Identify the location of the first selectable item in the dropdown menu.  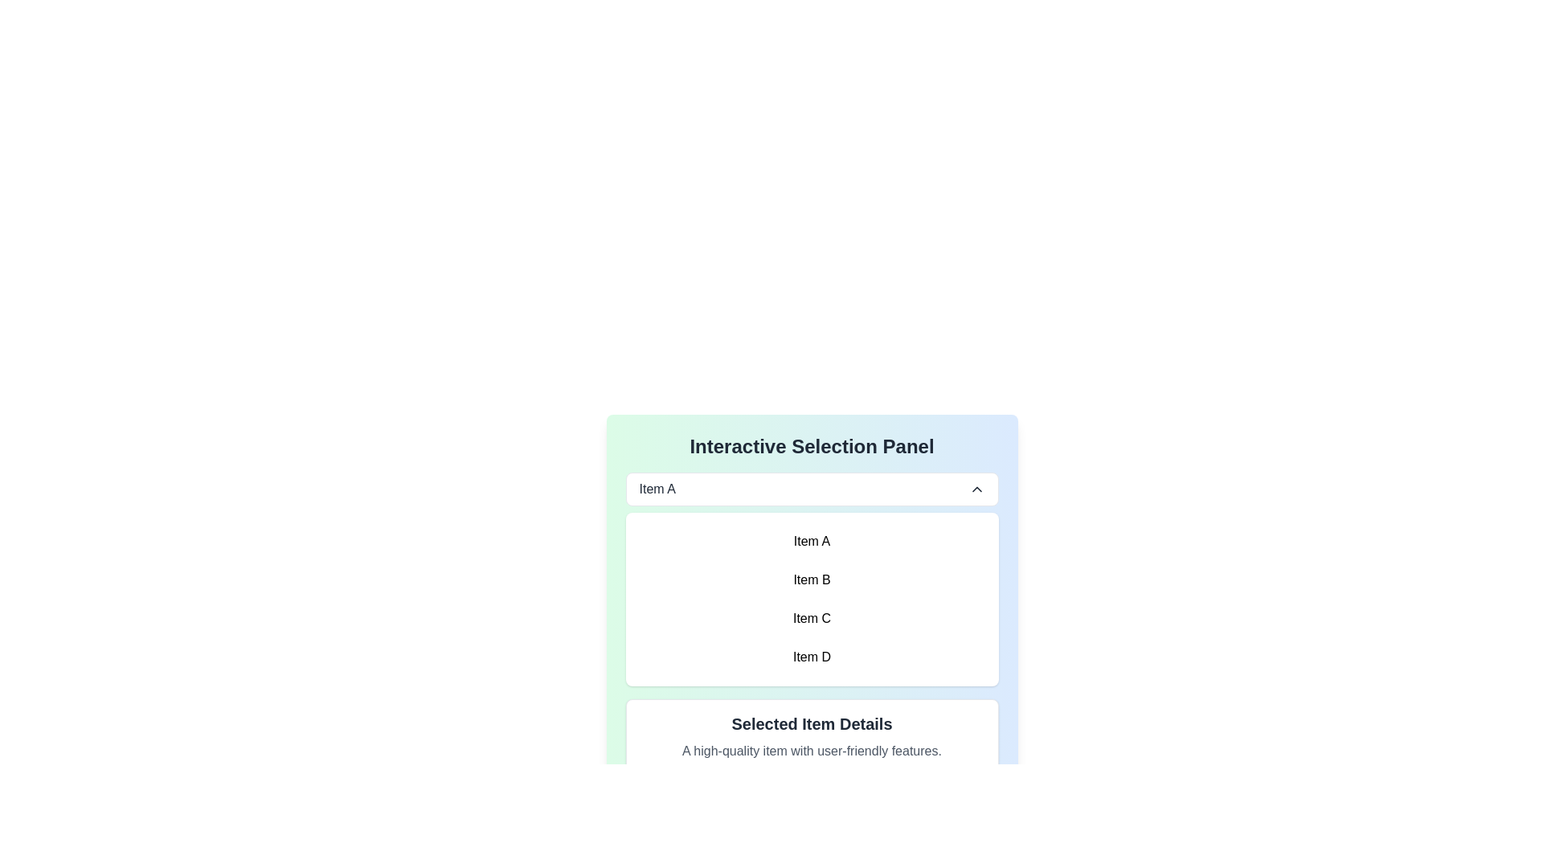
(812, 542).